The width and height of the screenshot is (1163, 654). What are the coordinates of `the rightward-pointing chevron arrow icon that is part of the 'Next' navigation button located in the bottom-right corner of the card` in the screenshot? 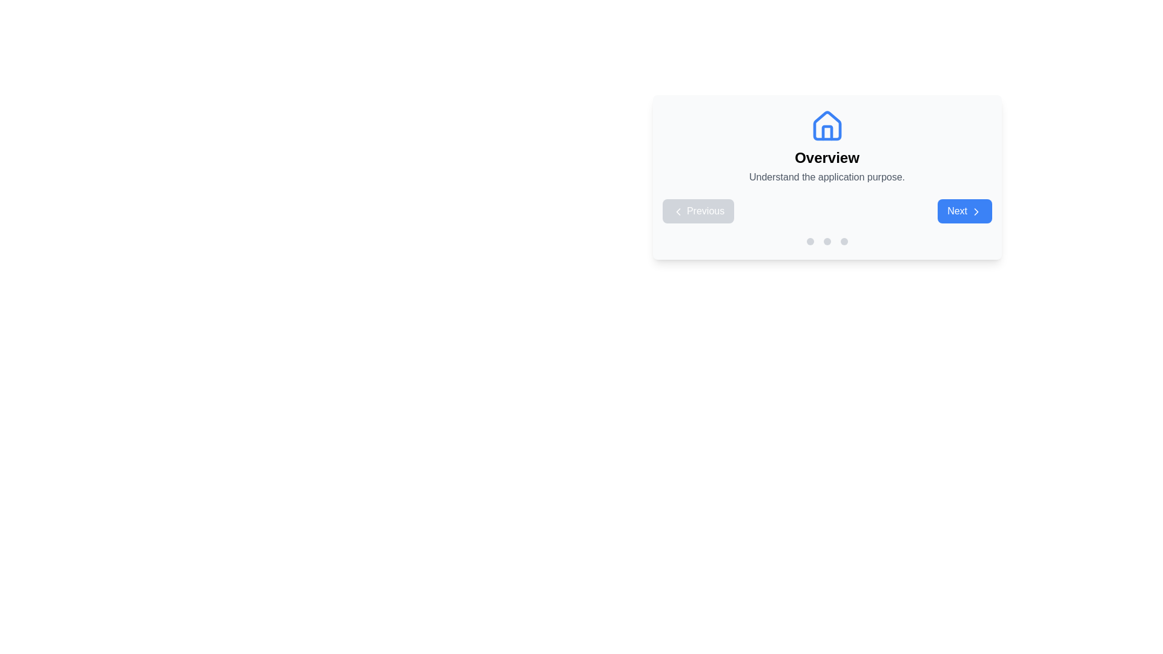 It's located at (976, 211).